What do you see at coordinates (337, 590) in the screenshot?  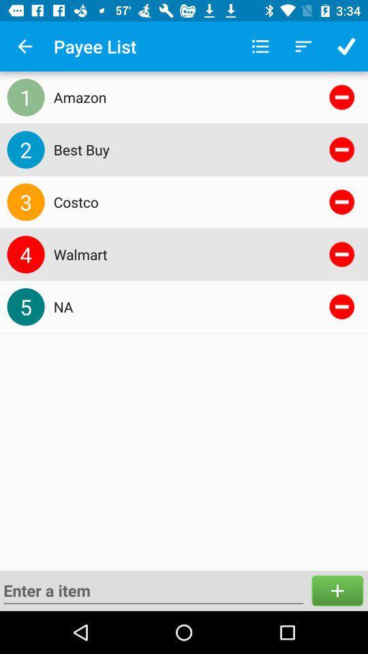 I see `icon at the bottom right corner` at bounding box center [337, 590].